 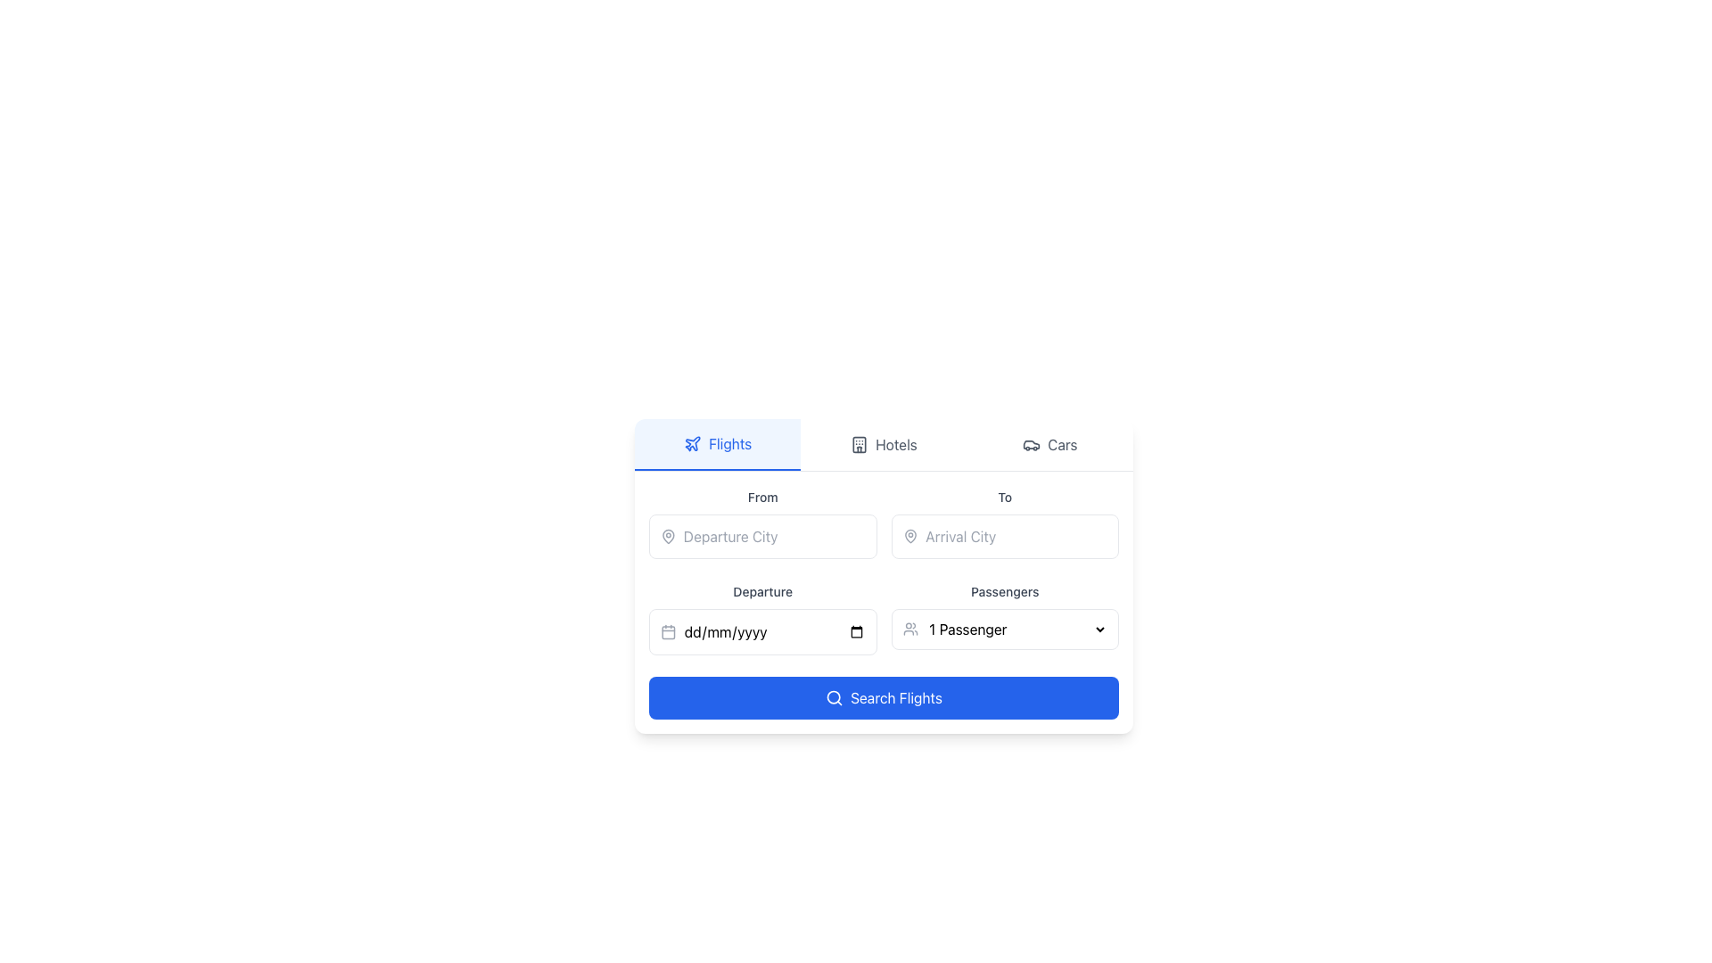 What do you see at coordinates (1017, 628) in the screenshot?
I see `the 'Passengers' dropdown menu in the flight search form` at bounding box center [1017, 628].